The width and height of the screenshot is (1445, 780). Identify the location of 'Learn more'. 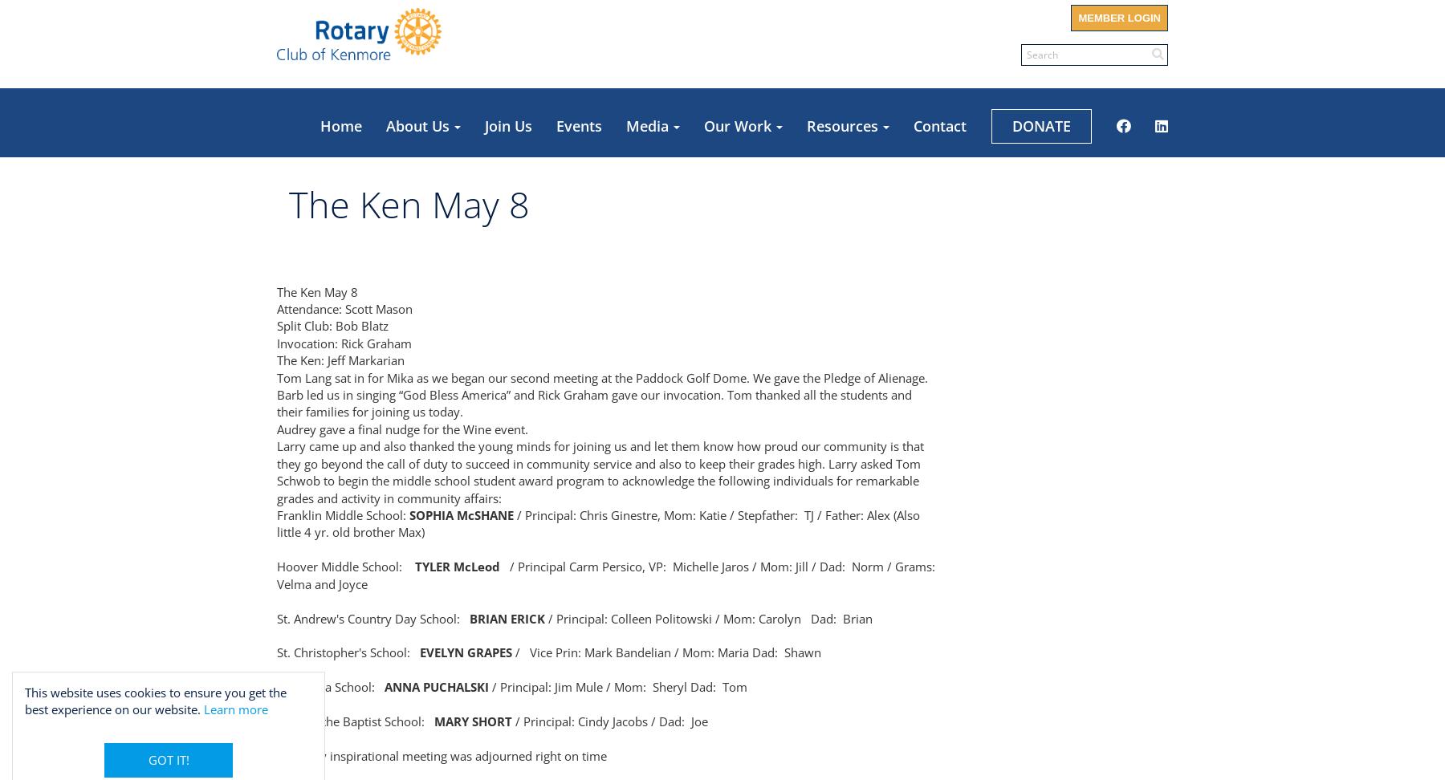
(234, 709).